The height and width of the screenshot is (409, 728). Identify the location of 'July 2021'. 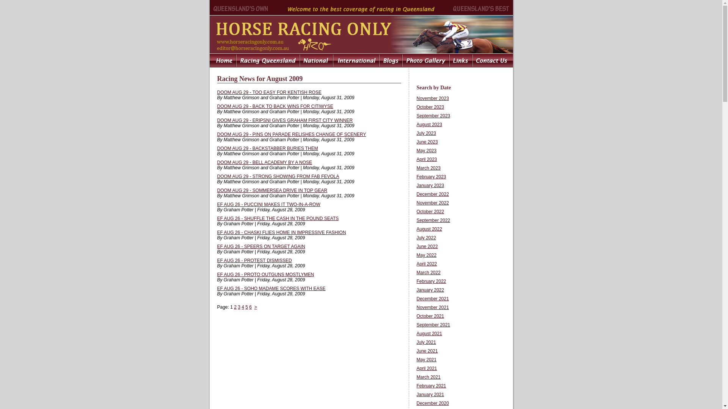
(416, 342).